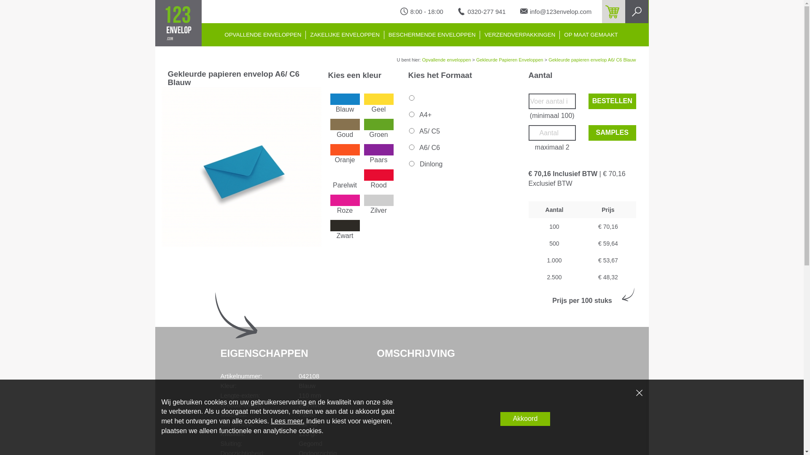 The height and width of the screenshot is (455, 810). Describe the element at coordinates (612, 133) in the screenshot. I see `'SAMPLES'` at that location.